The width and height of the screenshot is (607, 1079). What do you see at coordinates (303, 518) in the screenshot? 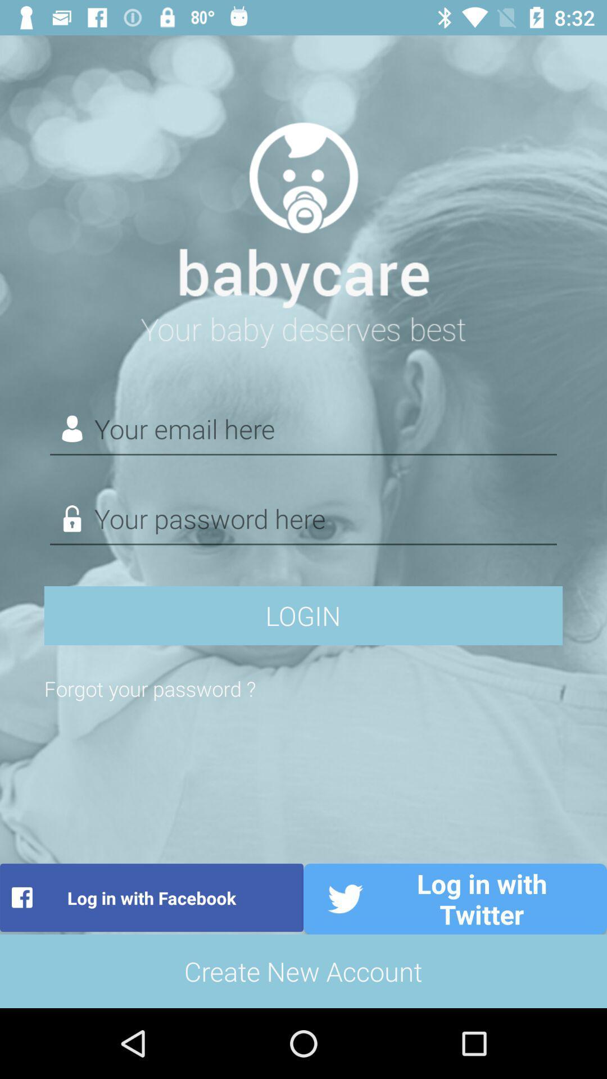
I see `enter the password` at bounding box center [303, 518].